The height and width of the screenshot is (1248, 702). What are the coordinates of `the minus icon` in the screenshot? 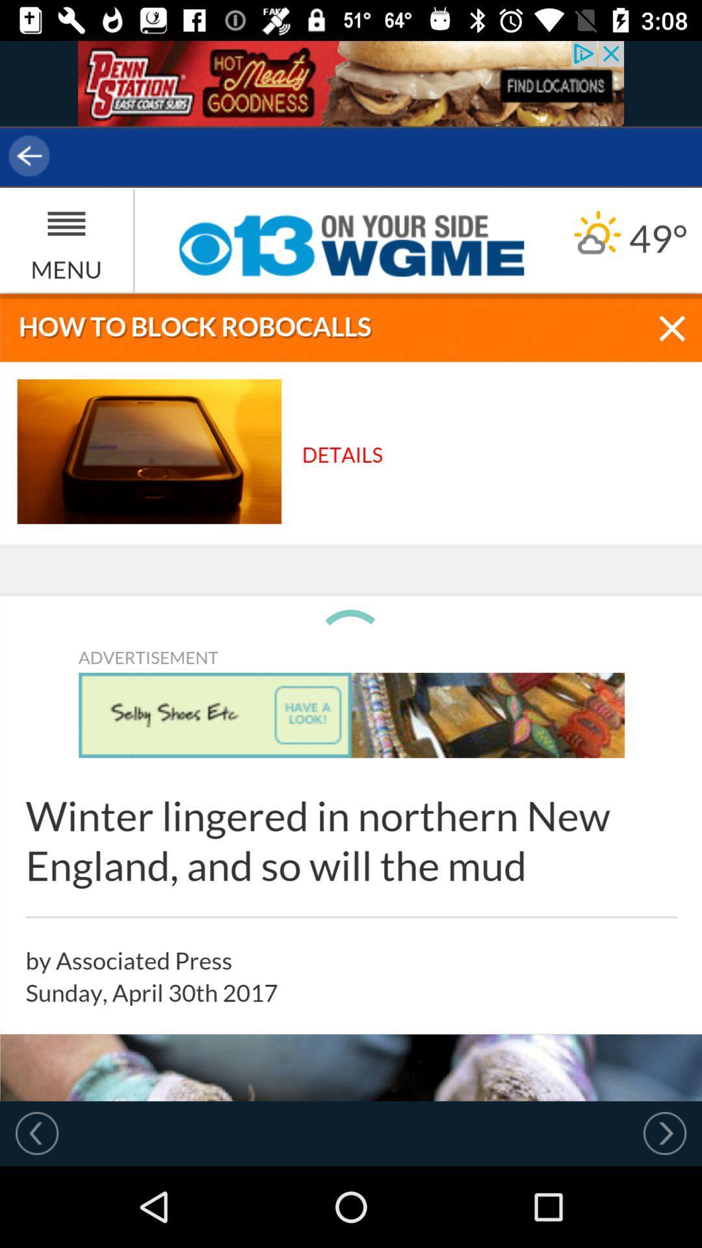 It's located at (663, 927).